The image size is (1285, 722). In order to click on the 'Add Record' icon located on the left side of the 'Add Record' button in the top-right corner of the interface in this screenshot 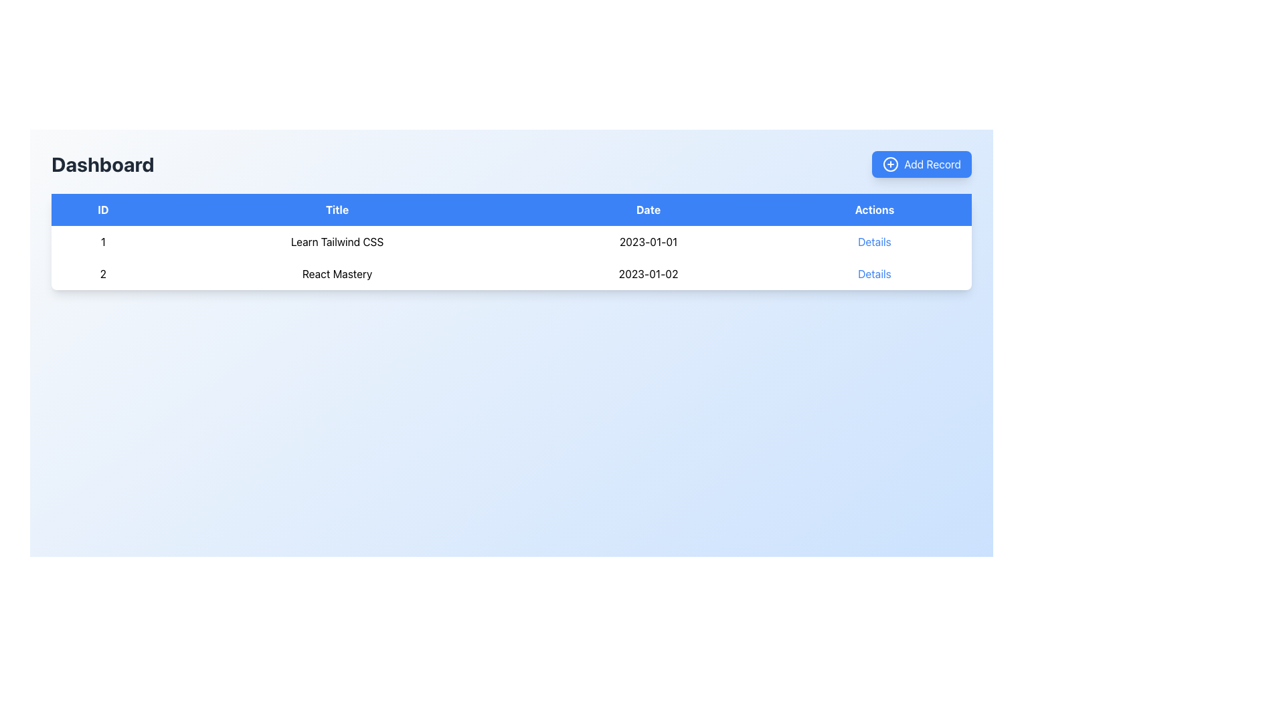, I will do `click(891, 164)`.